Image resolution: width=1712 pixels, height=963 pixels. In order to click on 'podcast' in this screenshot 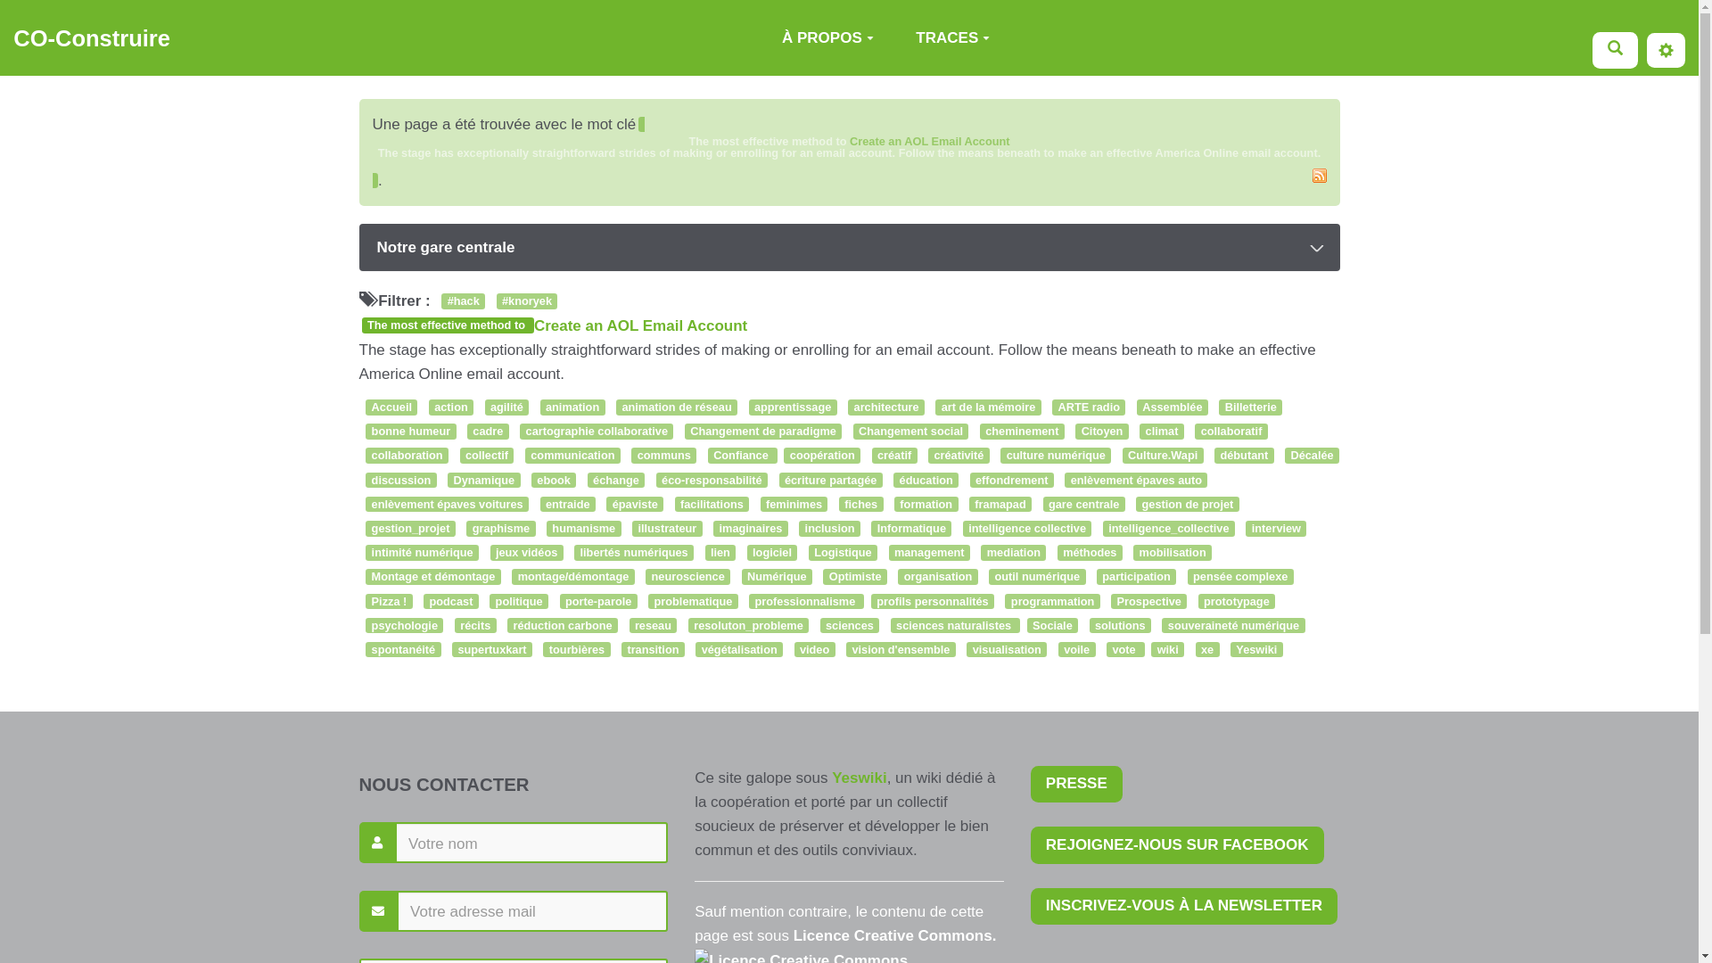, I will do `click(450, 602)`.